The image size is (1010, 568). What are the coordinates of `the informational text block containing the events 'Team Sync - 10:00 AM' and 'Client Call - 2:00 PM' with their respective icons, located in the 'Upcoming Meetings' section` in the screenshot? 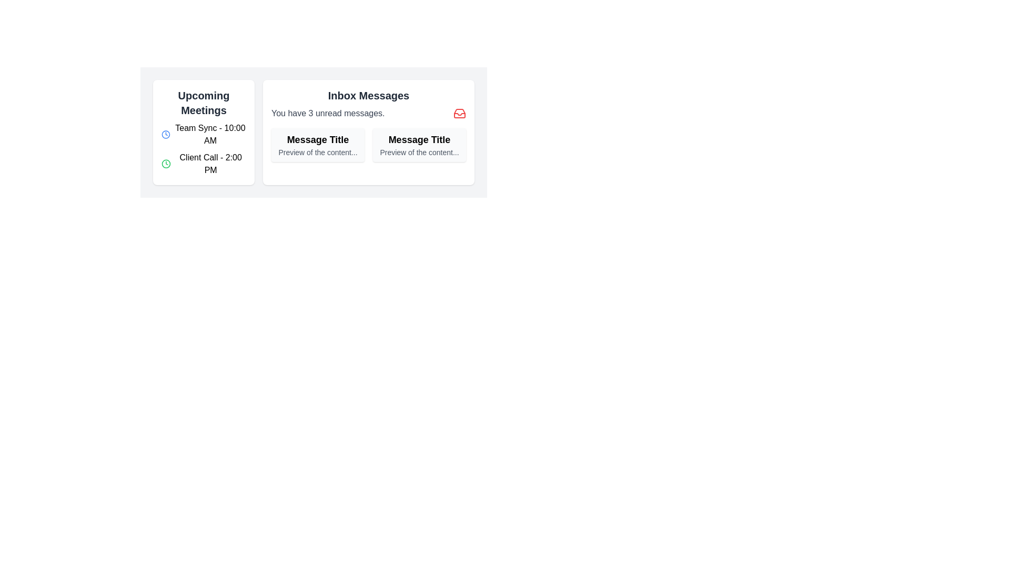 It's located at (204, 149).